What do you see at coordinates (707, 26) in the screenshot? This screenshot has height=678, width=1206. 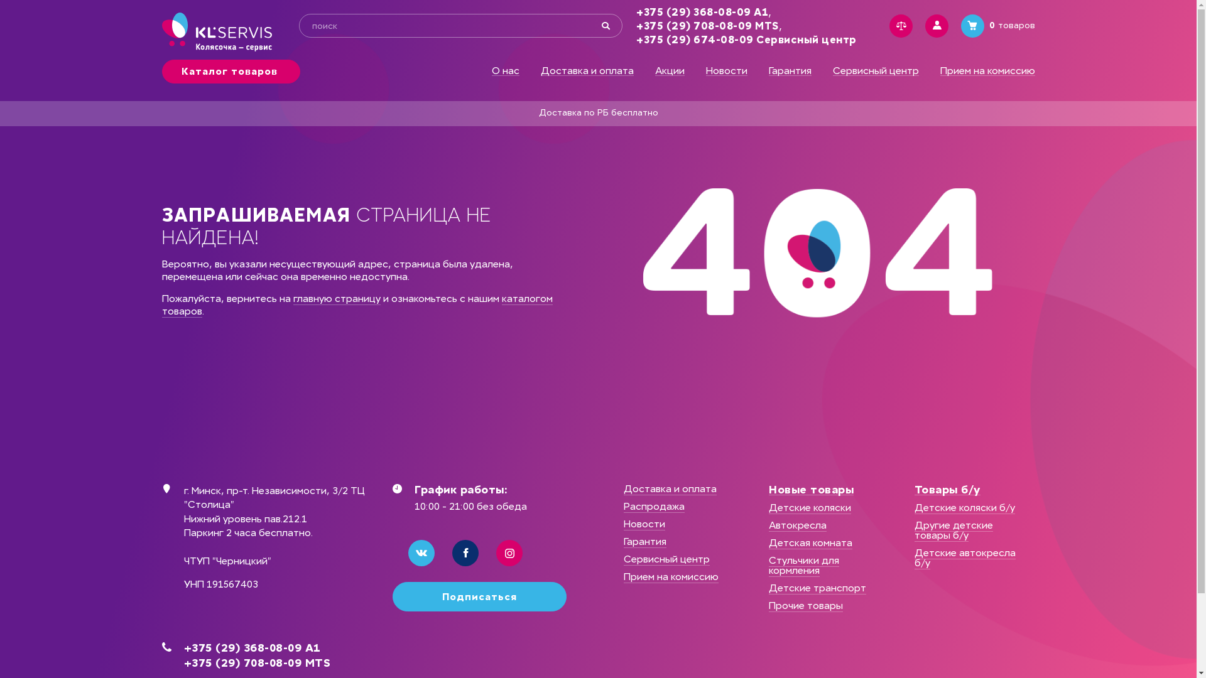 I see `'+375 (29) 708-08-09 MTS'` at bounding box center [707, 26].